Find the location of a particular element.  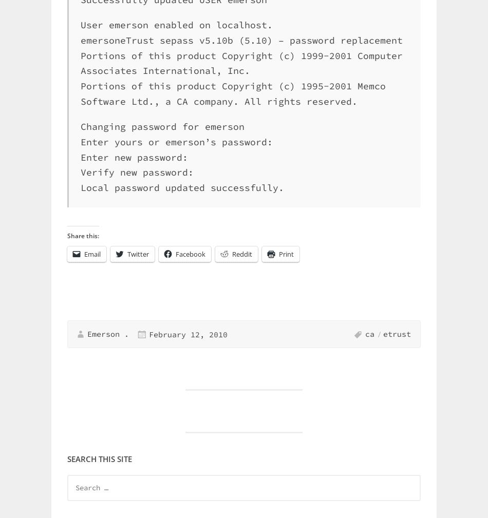

'Print' is located at coordinates (286, 254).